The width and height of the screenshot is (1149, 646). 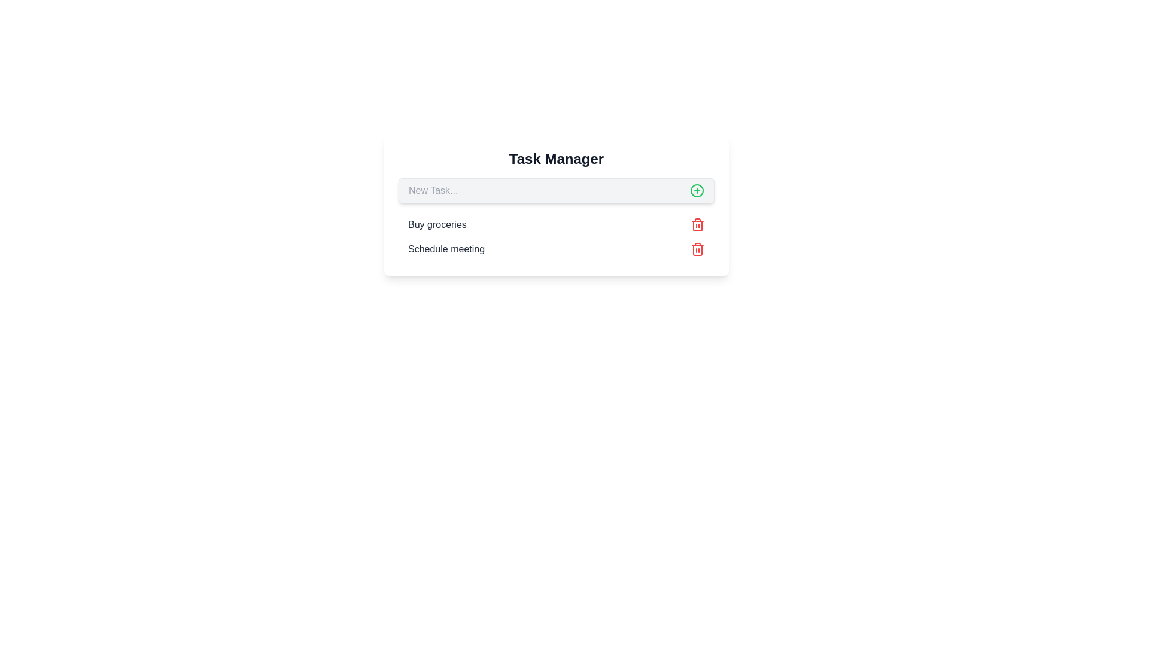 What do you see at coordinates (698, 224) in the screenshot?
I see `the delete button located to the far right of the 'Buy groceries' task in the task list` at bounding box center [698, 224].